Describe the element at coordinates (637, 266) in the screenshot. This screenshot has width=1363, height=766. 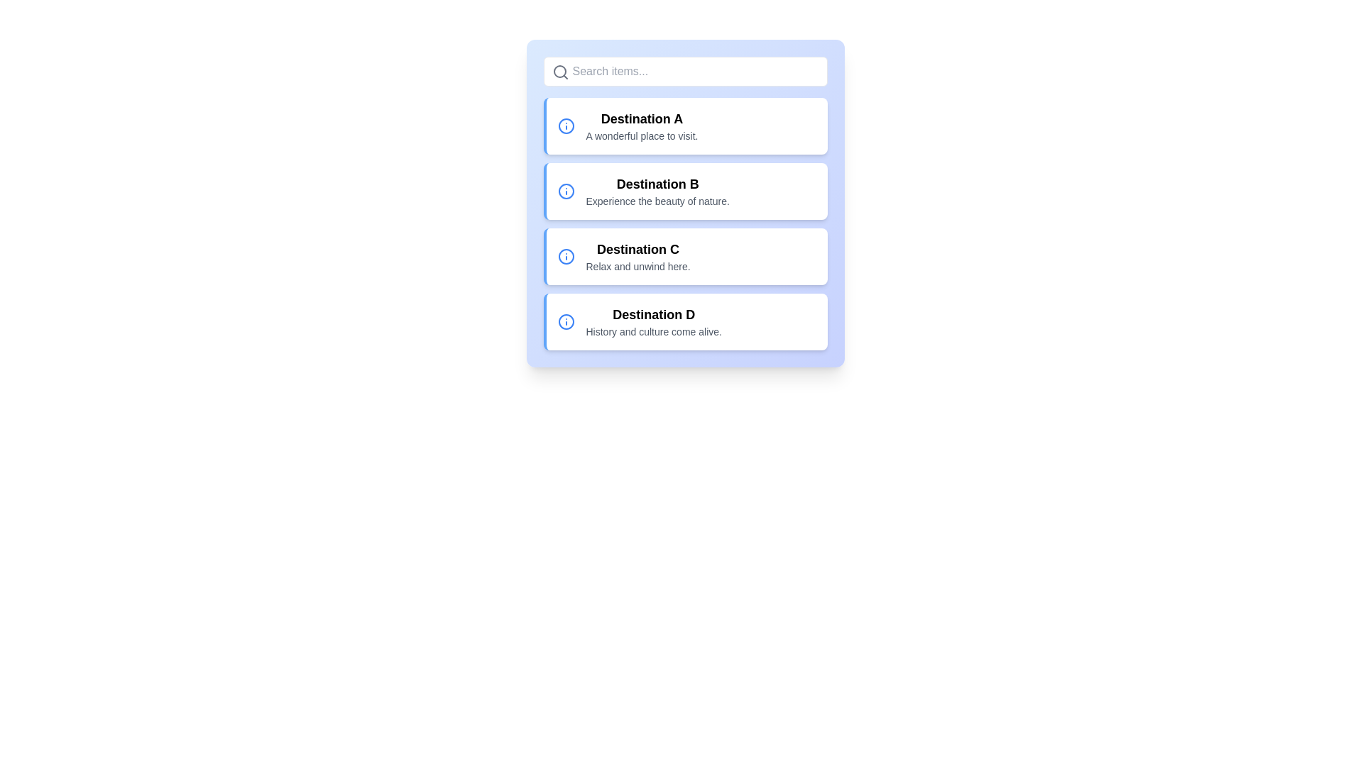
I see `the descriptive text that provides context for 'Destination C', located below the main destination text and aligned left` at that location.